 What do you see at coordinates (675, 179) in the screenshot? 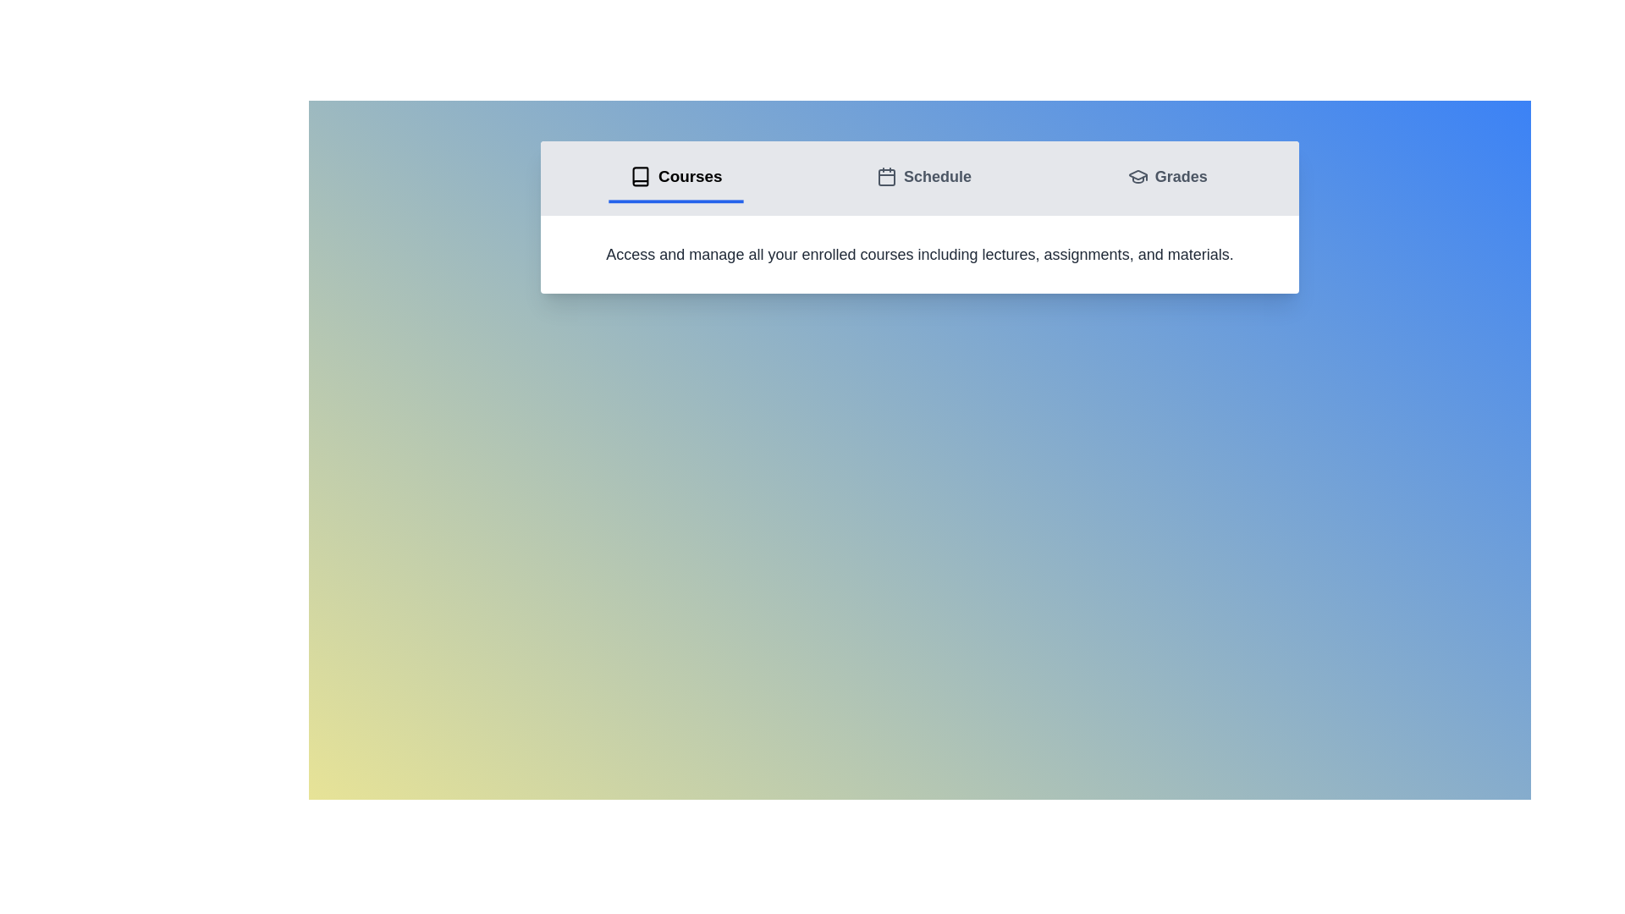
I see `the tab labeled Courses to display its content` at bounding box center [675, 179].